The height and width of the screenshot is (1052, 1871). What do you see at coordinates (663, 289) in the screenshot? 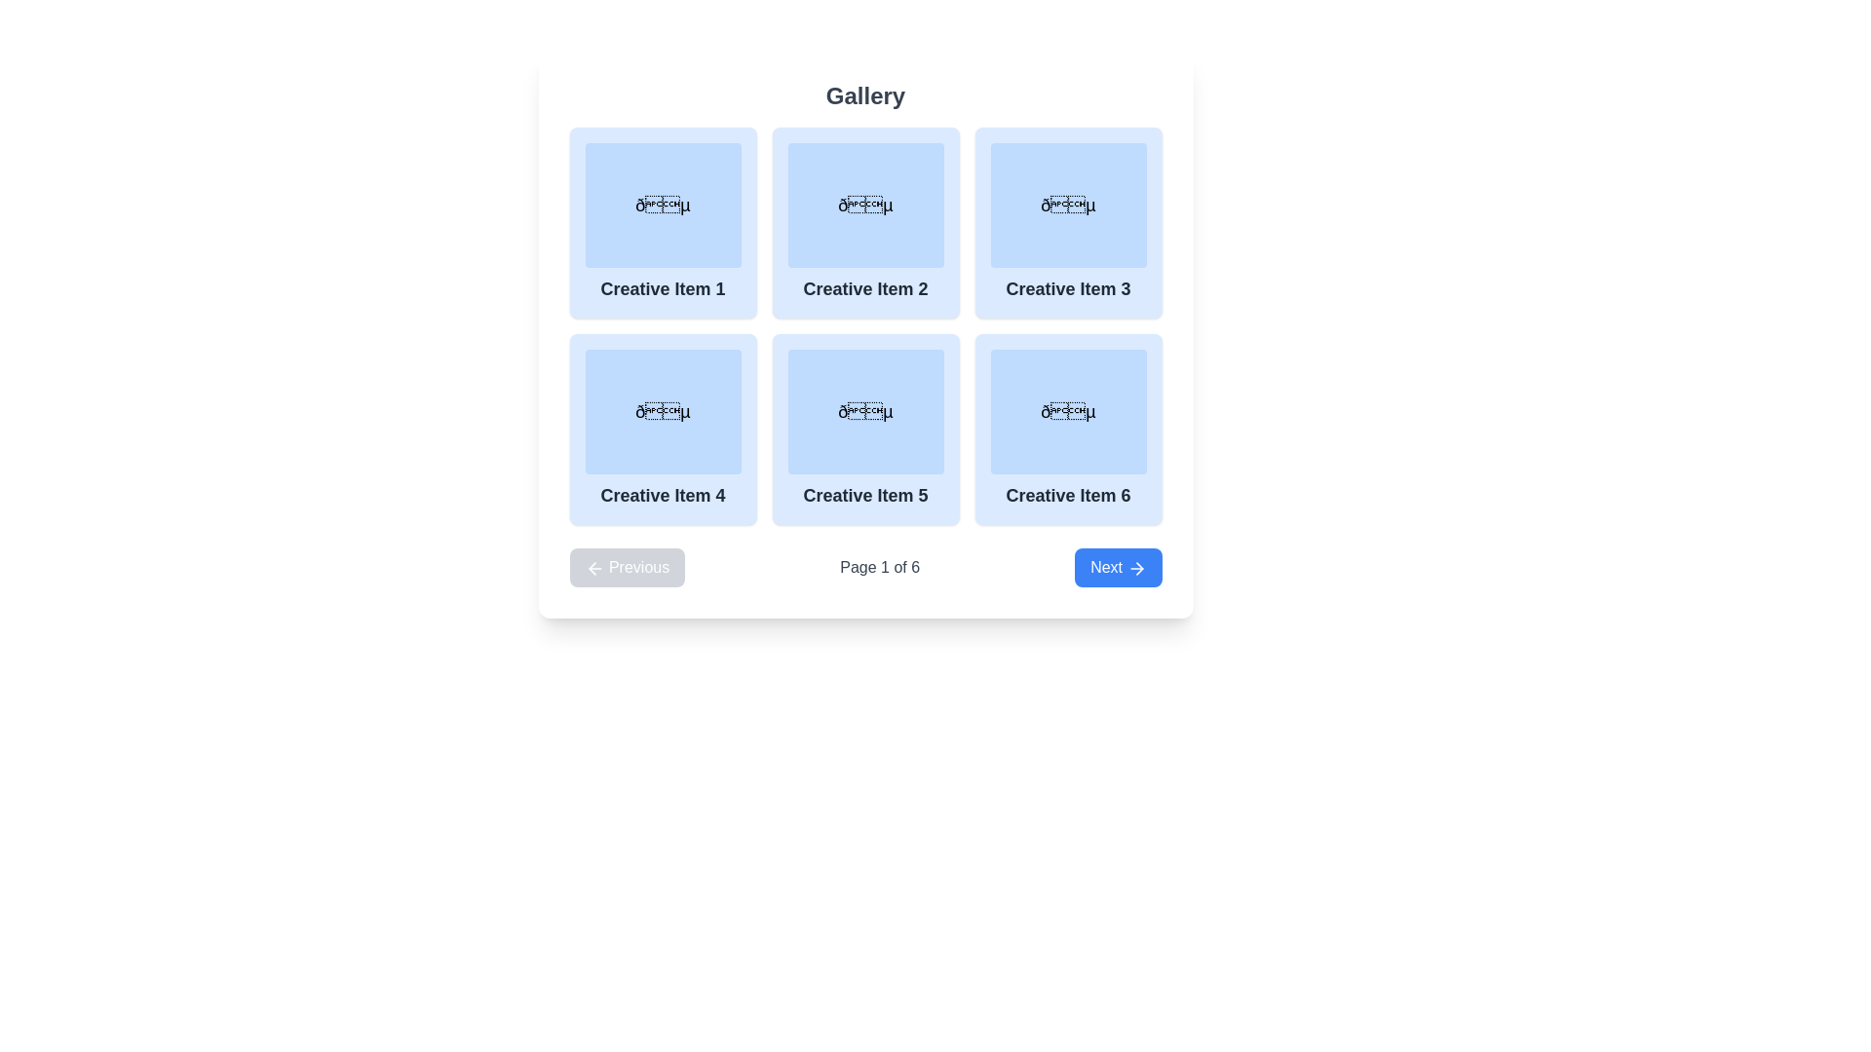
I see `the text label that reads 'Creative Item 1', which is styled in bold and dark gray, located within a light blue card in the top-left corner of a grid layout` at bounding box center [663, 289].